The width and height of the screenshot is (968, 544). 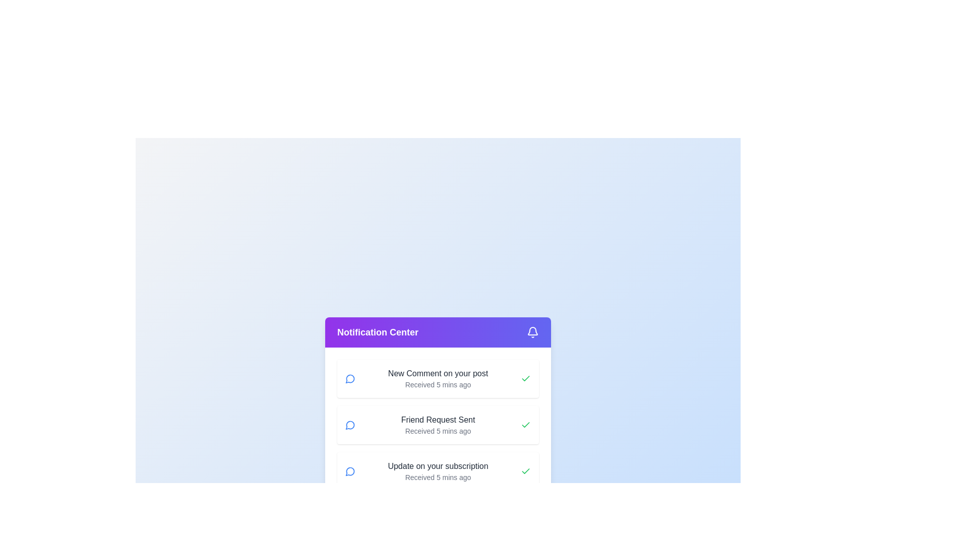 I want to click on the second notification entry in the Notification Center that displays 'Friend Request Sent', so click(x=438, y=425).